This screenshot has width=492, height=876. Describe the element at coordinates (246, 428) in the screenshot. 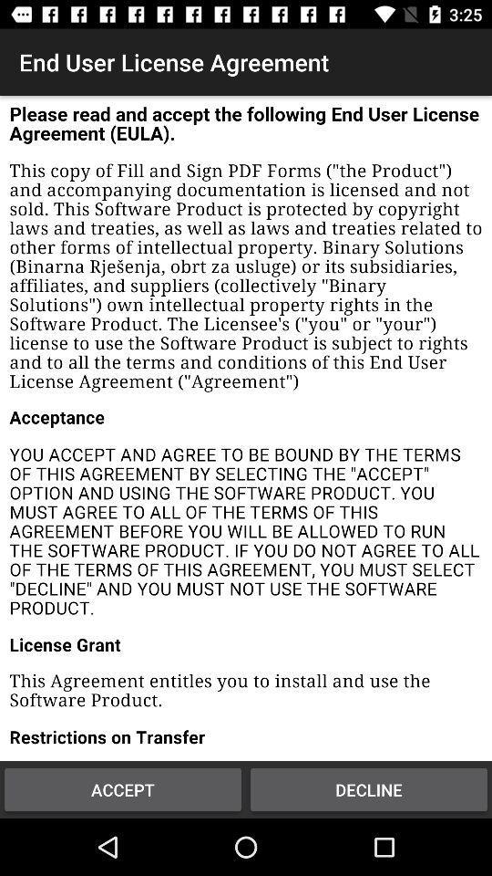

I see `advertisement page` at that location.